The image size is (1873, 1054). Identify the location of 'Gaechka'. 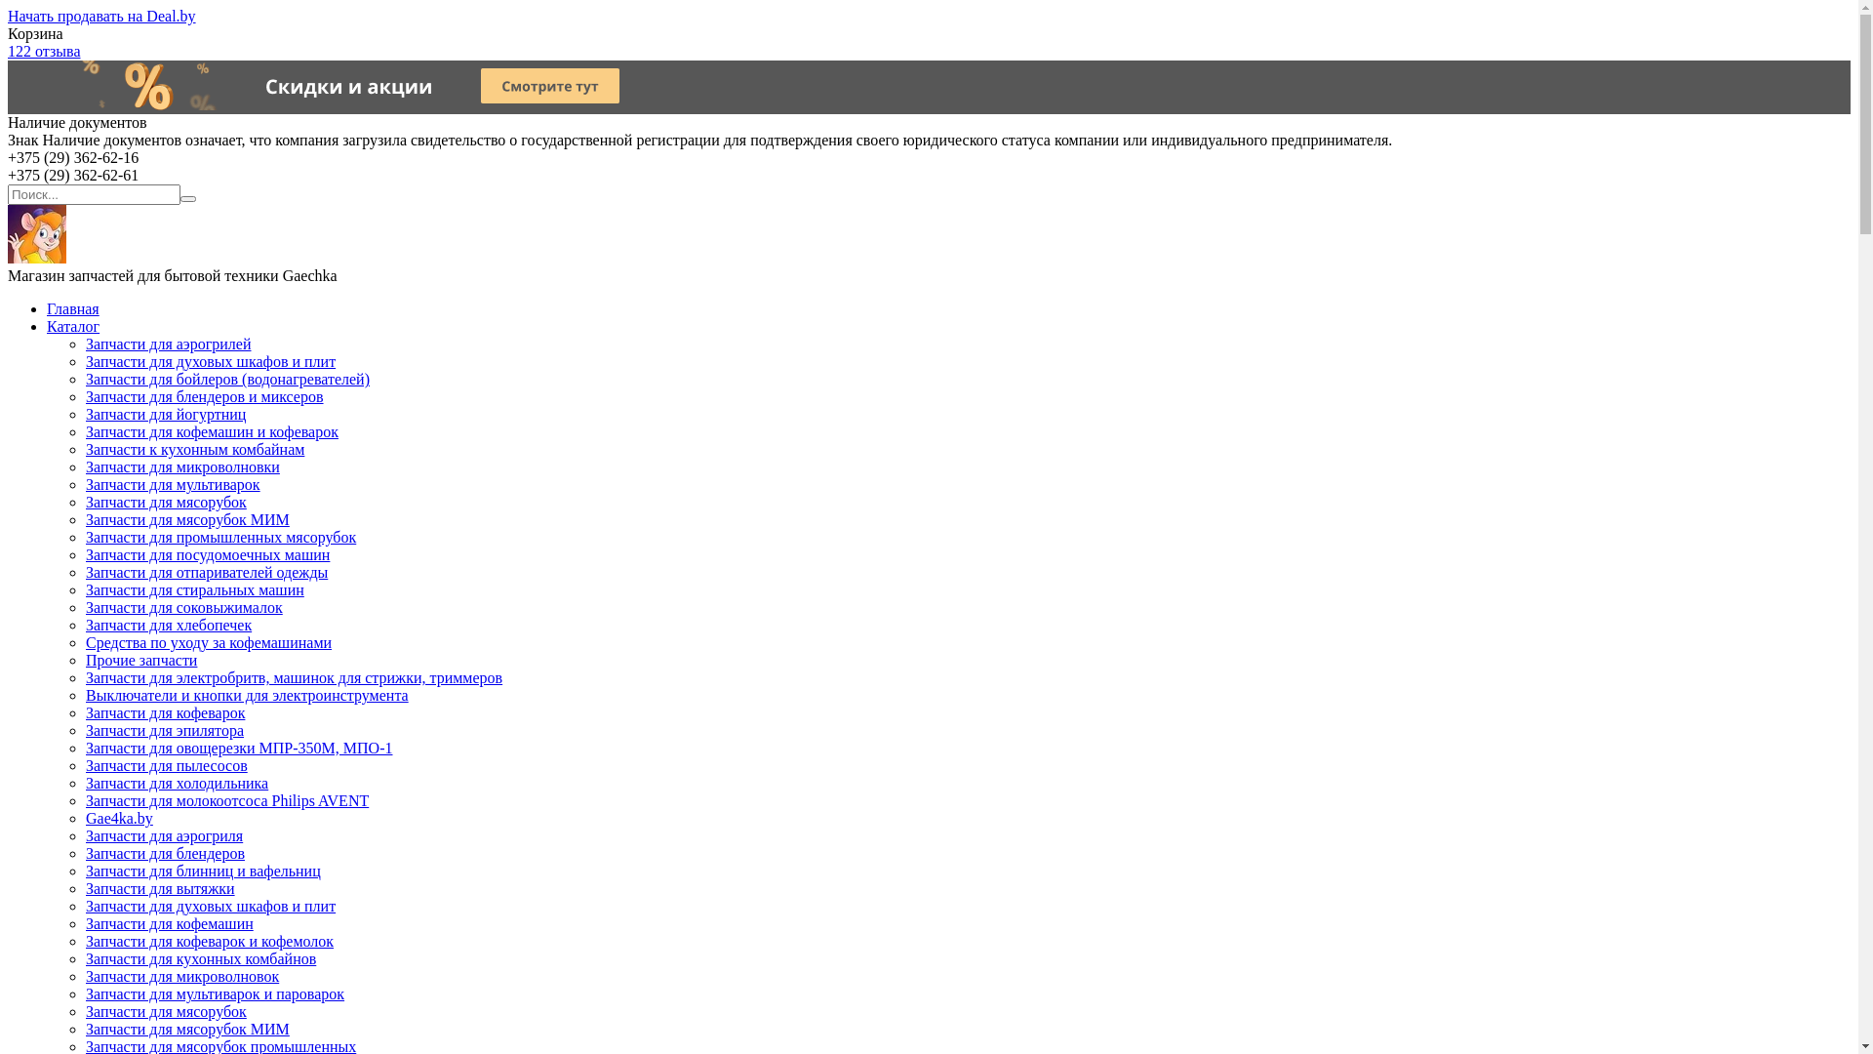
(8, 257).